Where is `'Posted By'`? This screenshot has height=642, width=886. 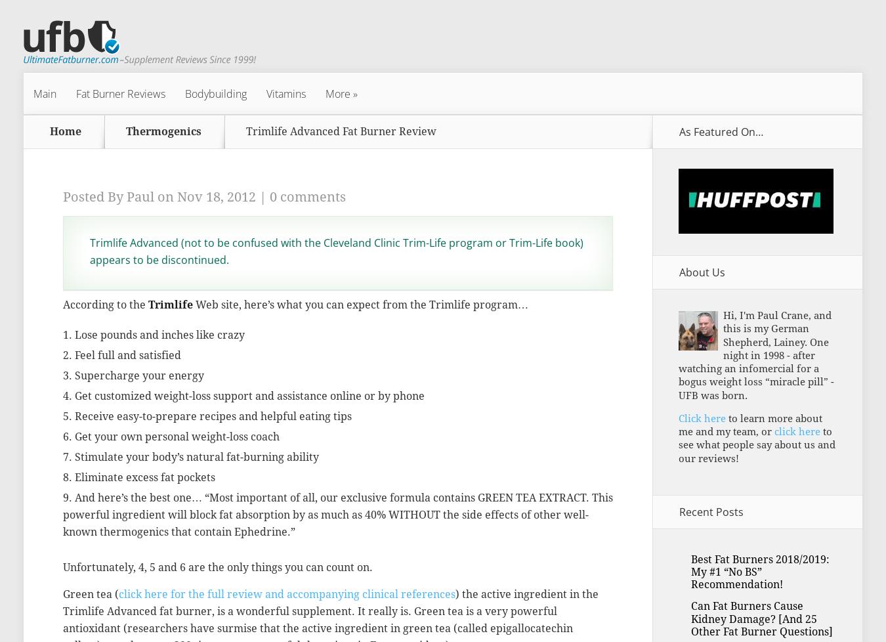
'Posted By' is located at coordinates (95, 196).